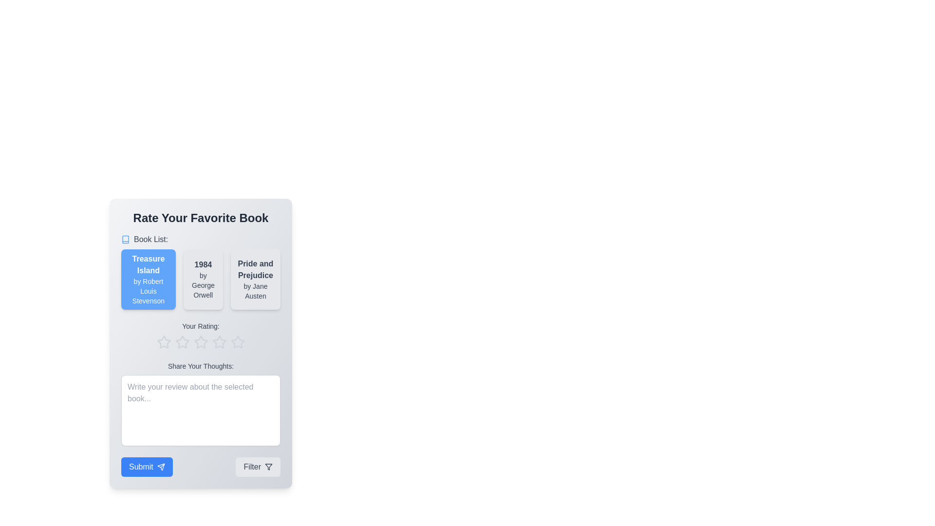 Image resolution: width=935 pixels, height=526 pixels. Describe the element at coordinates (219, 341) in the screenshot. I see `the fourth star icon in the 5-star rating system` at that location.